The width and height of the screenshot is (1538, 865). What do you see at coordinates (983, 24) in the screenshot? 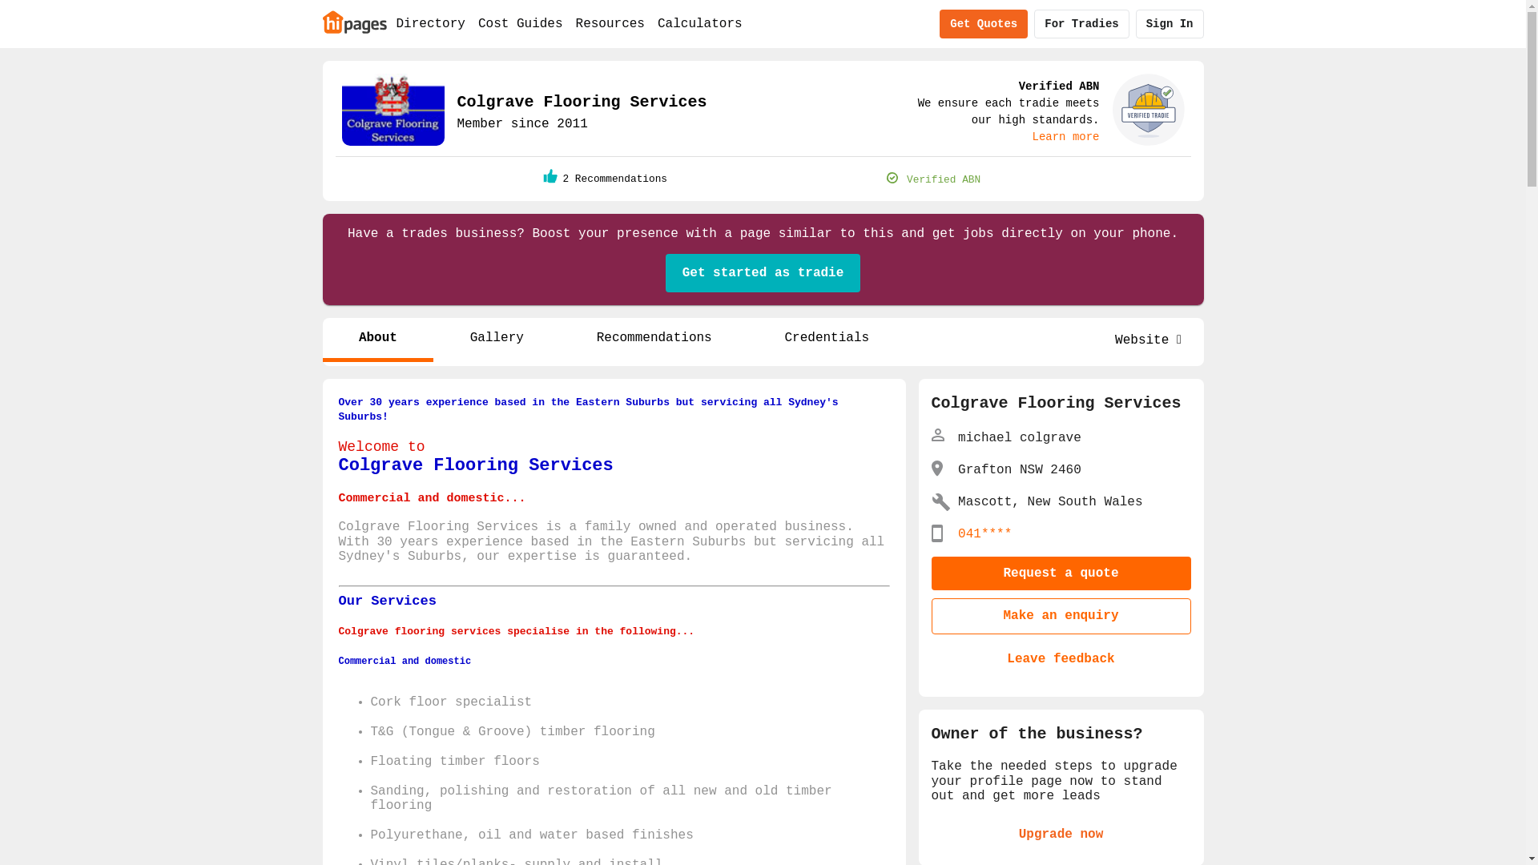
I see `'Get Quotes'` at bounding box center [983, 24].